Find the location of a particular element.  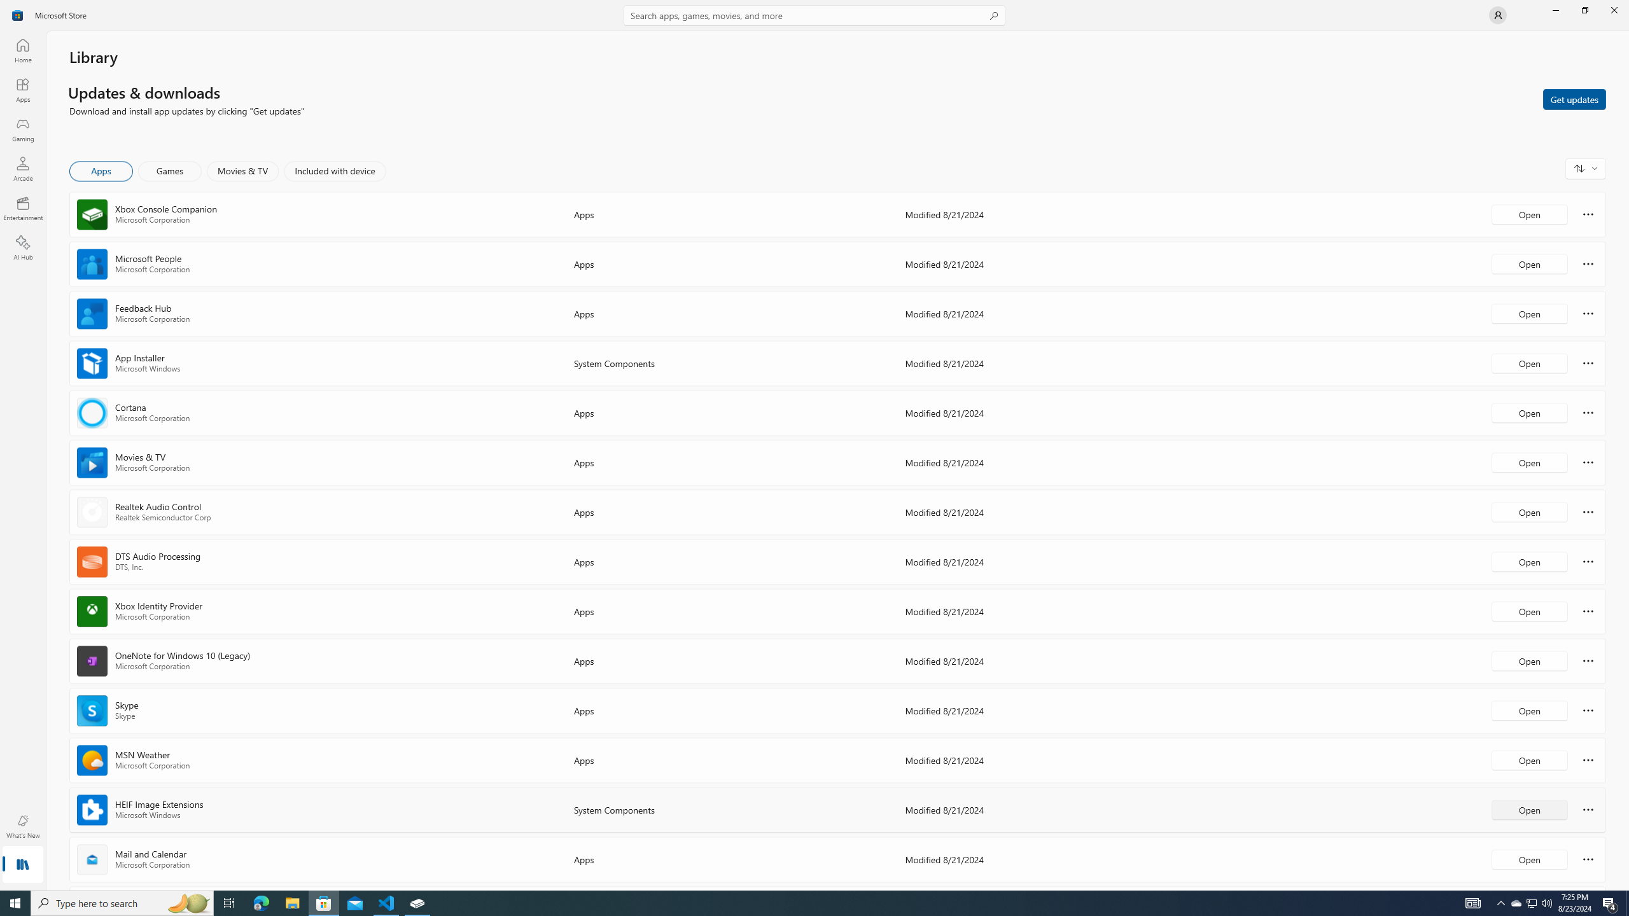

'Close Microsoft Store' is located at coordinates (1613, 10).